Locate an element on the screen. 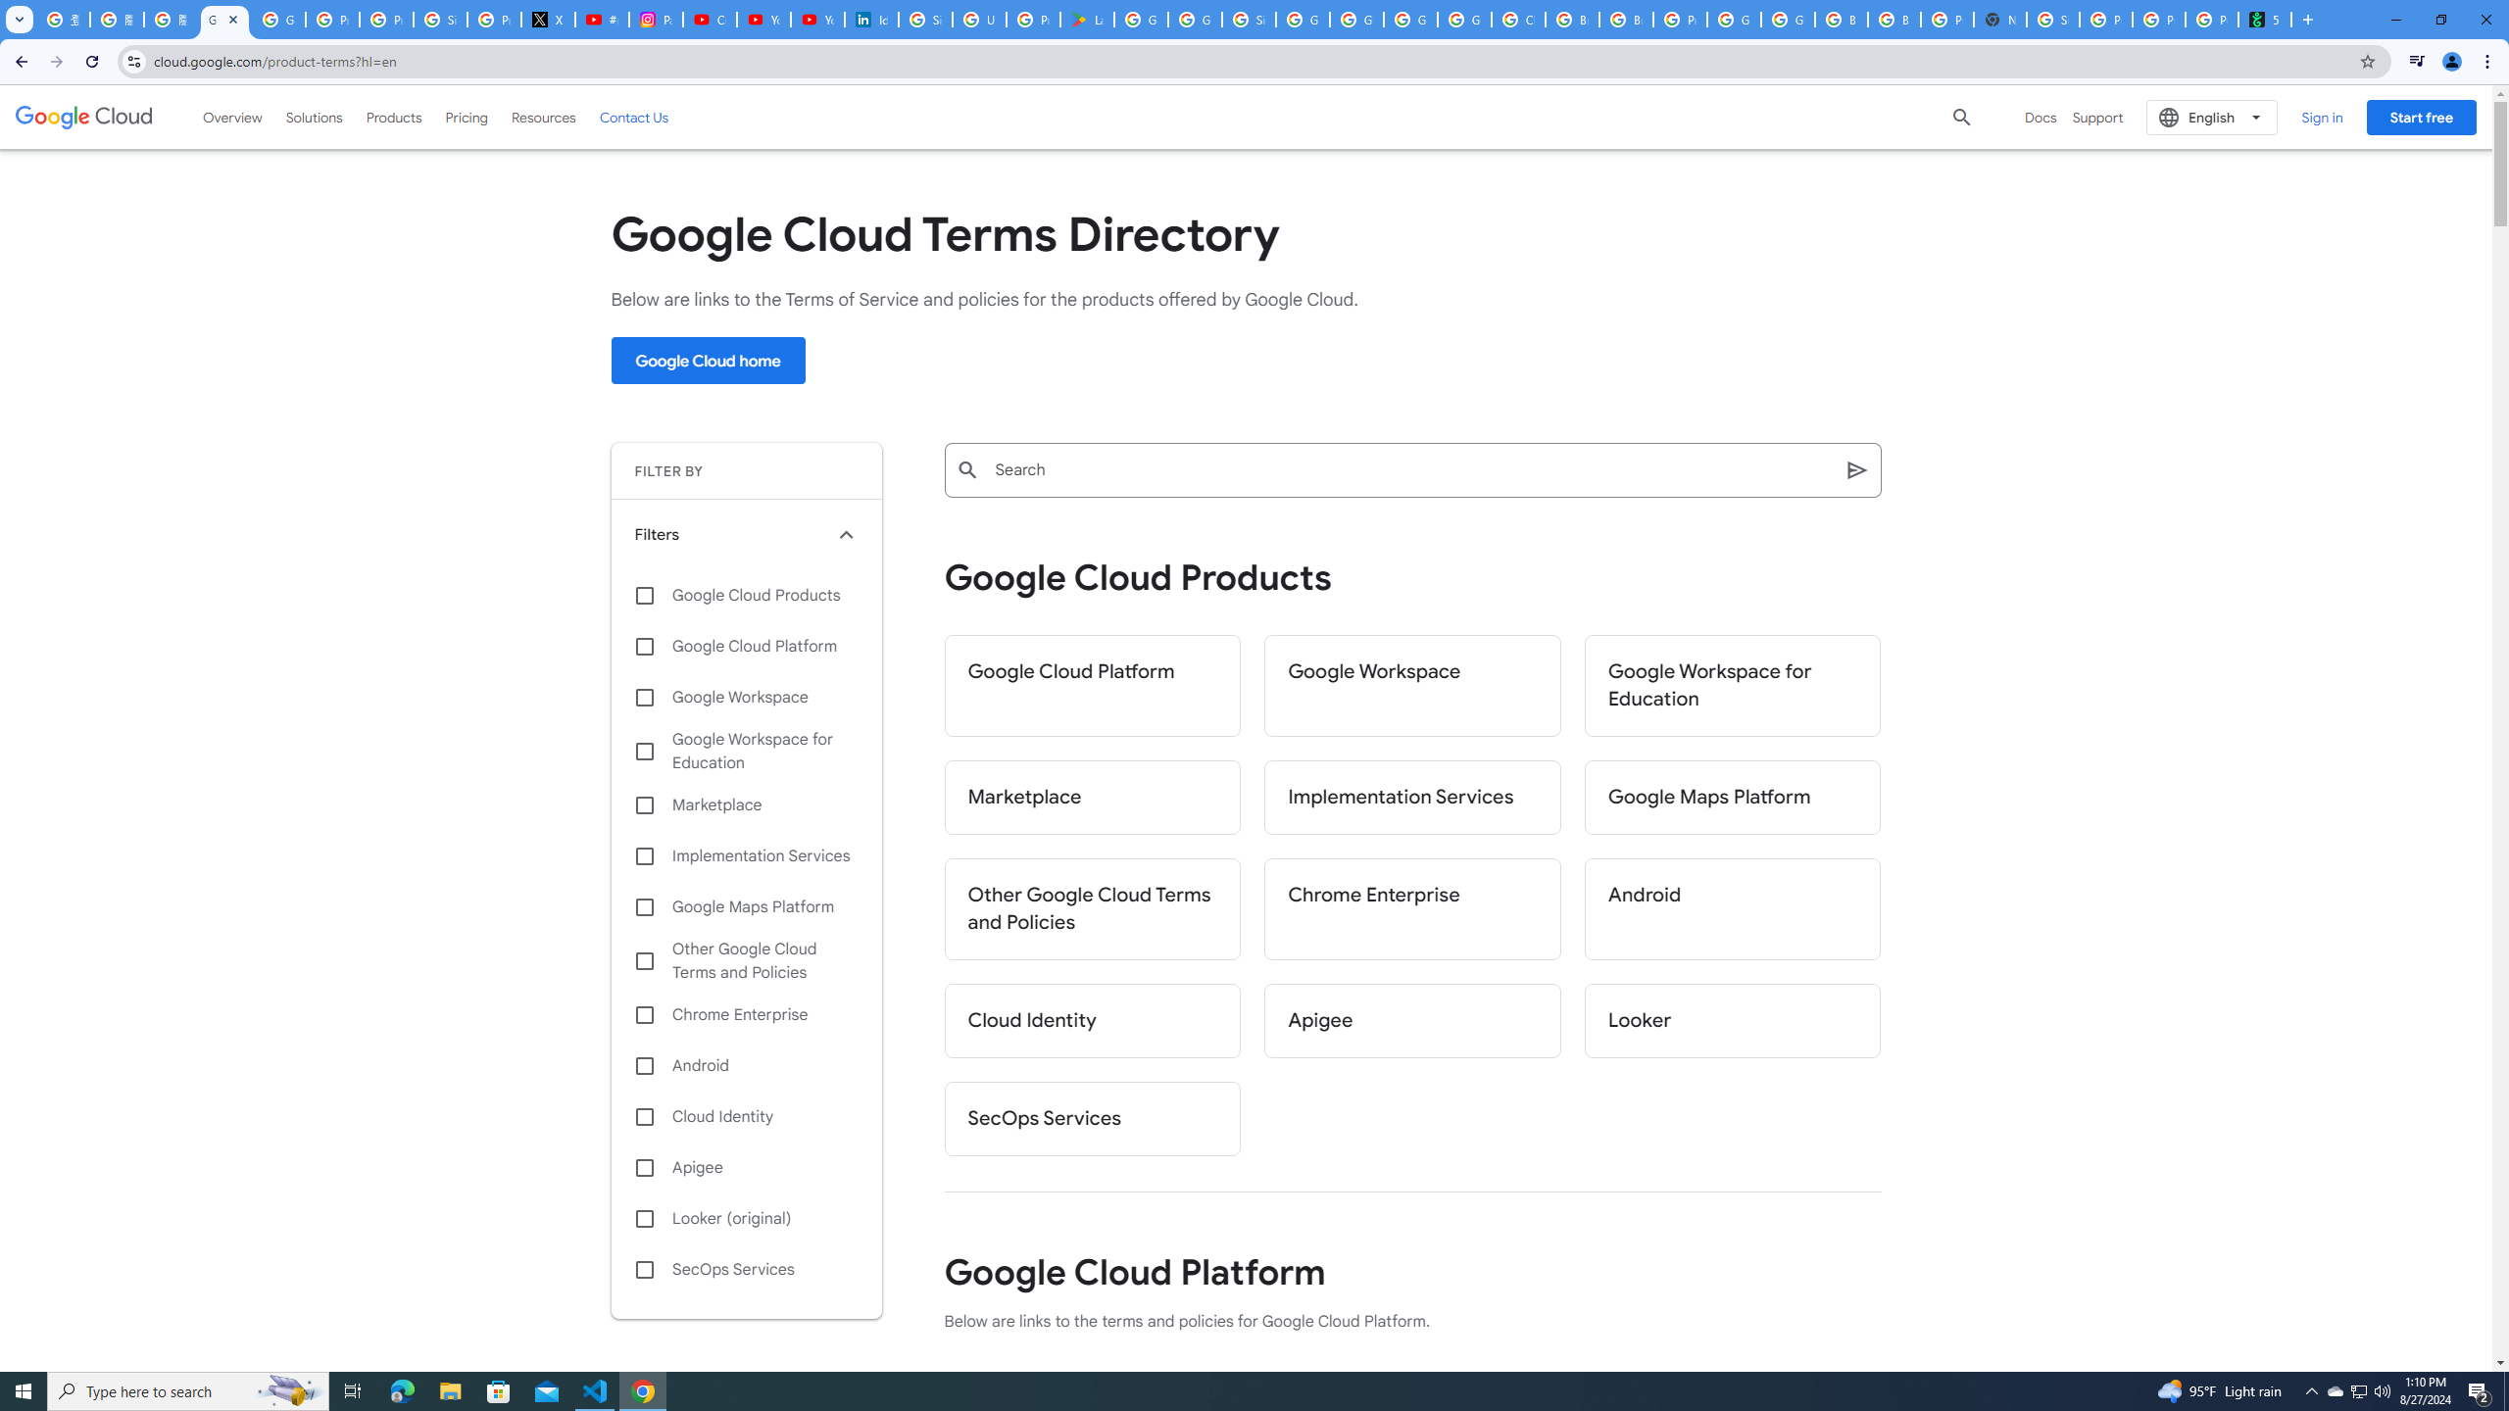 This screenshot has height=1411, width=2509. 'Google Maps Platform' is located at coordinates (746, 905).